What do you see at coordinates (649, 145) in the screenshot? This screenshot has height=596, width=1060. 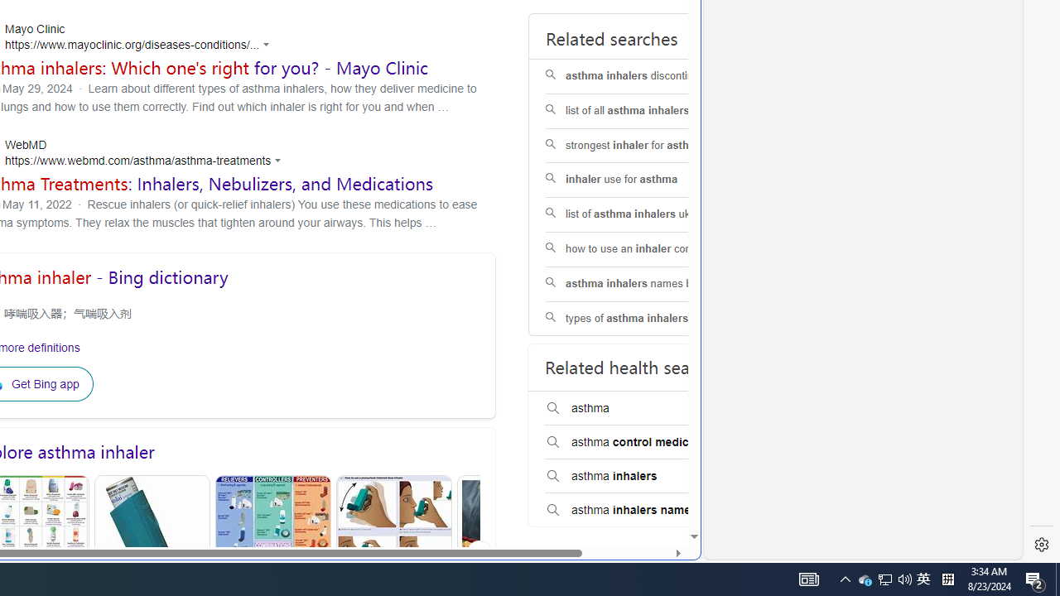 I see `'strongest inhaler for asthma'` at bounding box center [649, 145].